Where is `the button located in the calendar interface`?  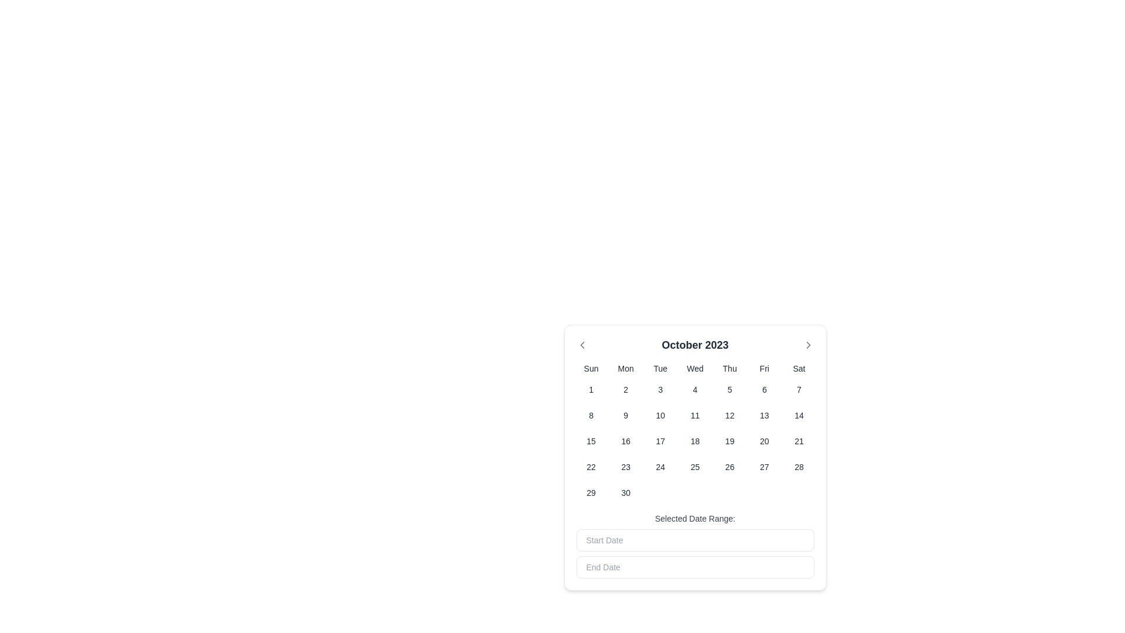
the button located in the calendar interface is located at coordinates (660, 389).